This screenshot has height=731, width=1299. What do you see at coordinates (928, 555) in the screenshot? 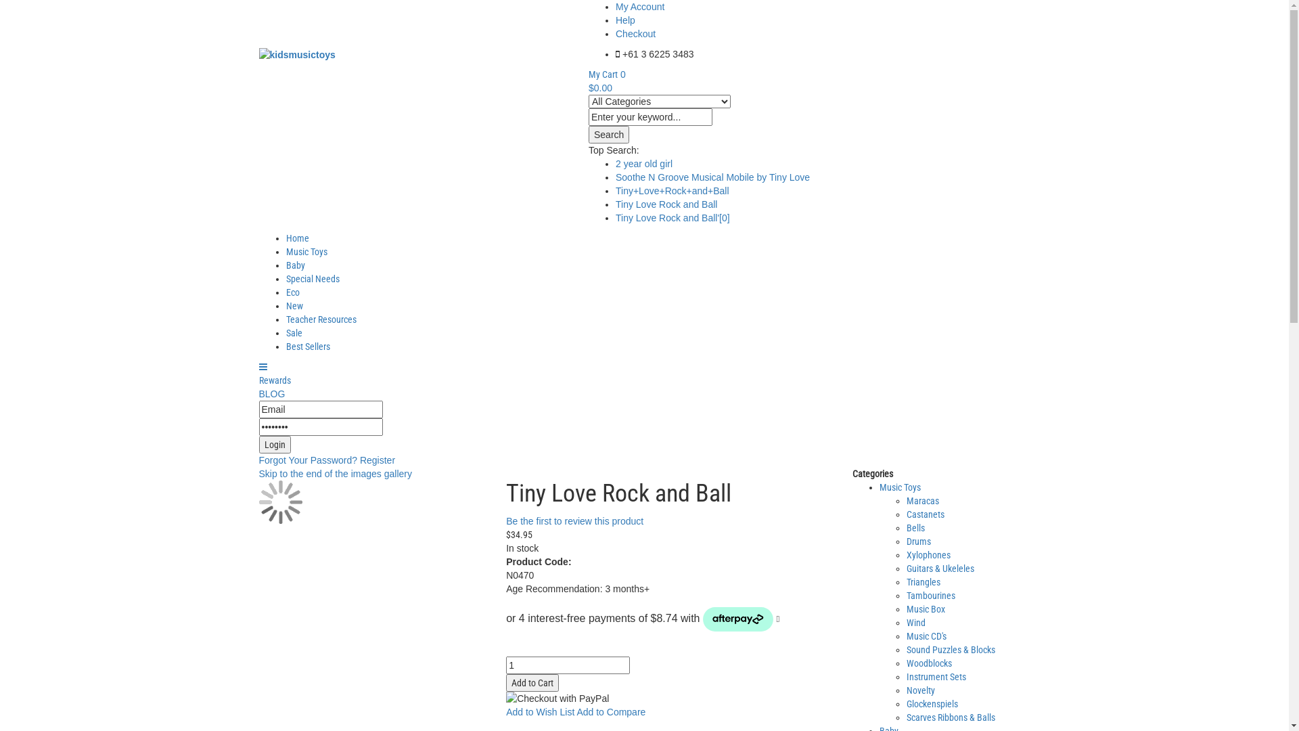
I see `'Xylophones'` at bounding box center [928, 555].